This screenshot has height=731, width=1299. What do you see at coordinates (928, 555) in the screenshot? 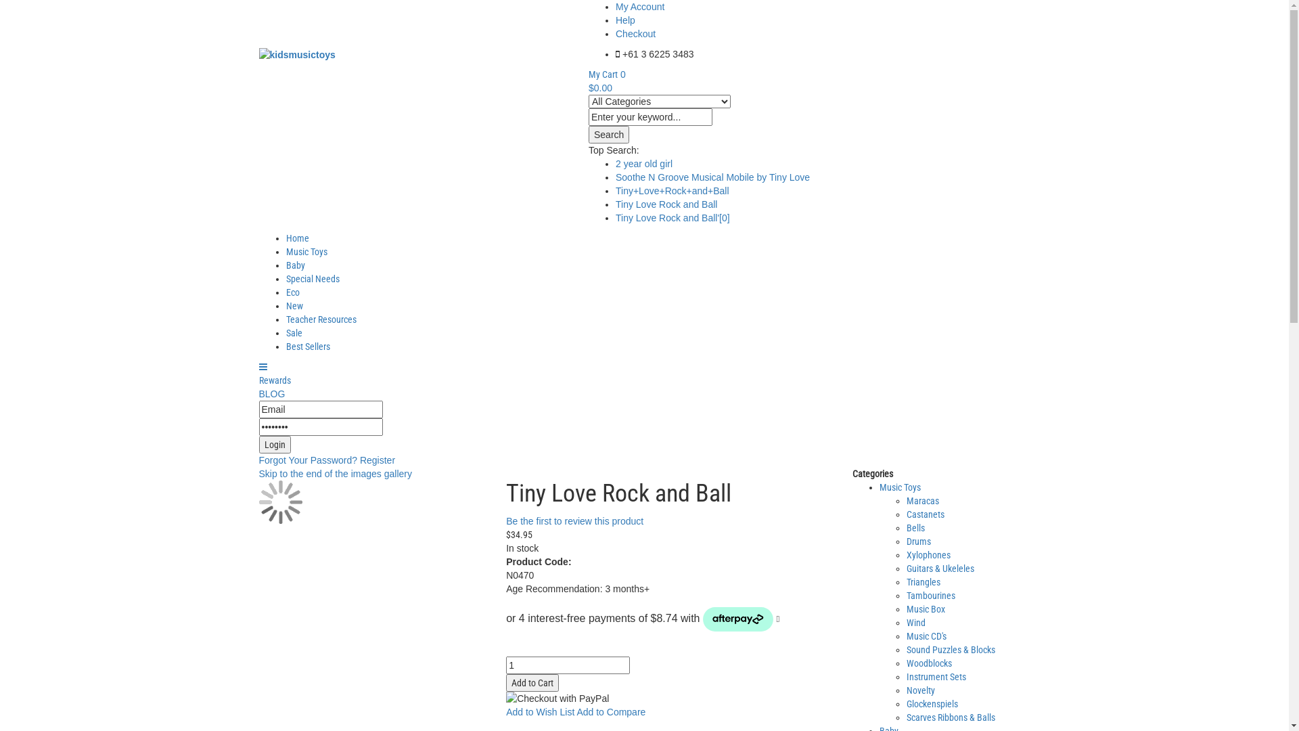
I see `'Xylophones'` at bounding box center [928, 555].